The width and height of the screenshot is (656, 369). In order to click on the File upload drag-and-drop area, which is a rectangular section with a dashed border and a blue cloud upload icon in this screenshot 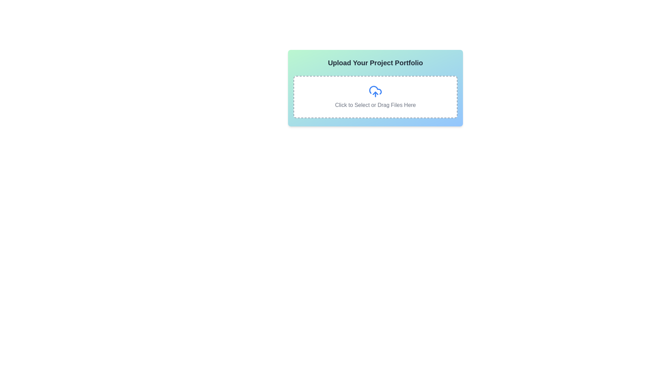, I will do `click(375, 97)`.